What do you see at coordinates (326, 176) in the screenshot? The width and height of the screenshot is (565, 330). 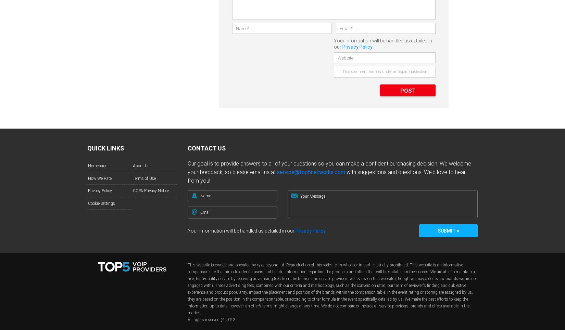 I see `'with suggestions and questions. We’d love to hear from you!'` at bounding box center [326, 176].